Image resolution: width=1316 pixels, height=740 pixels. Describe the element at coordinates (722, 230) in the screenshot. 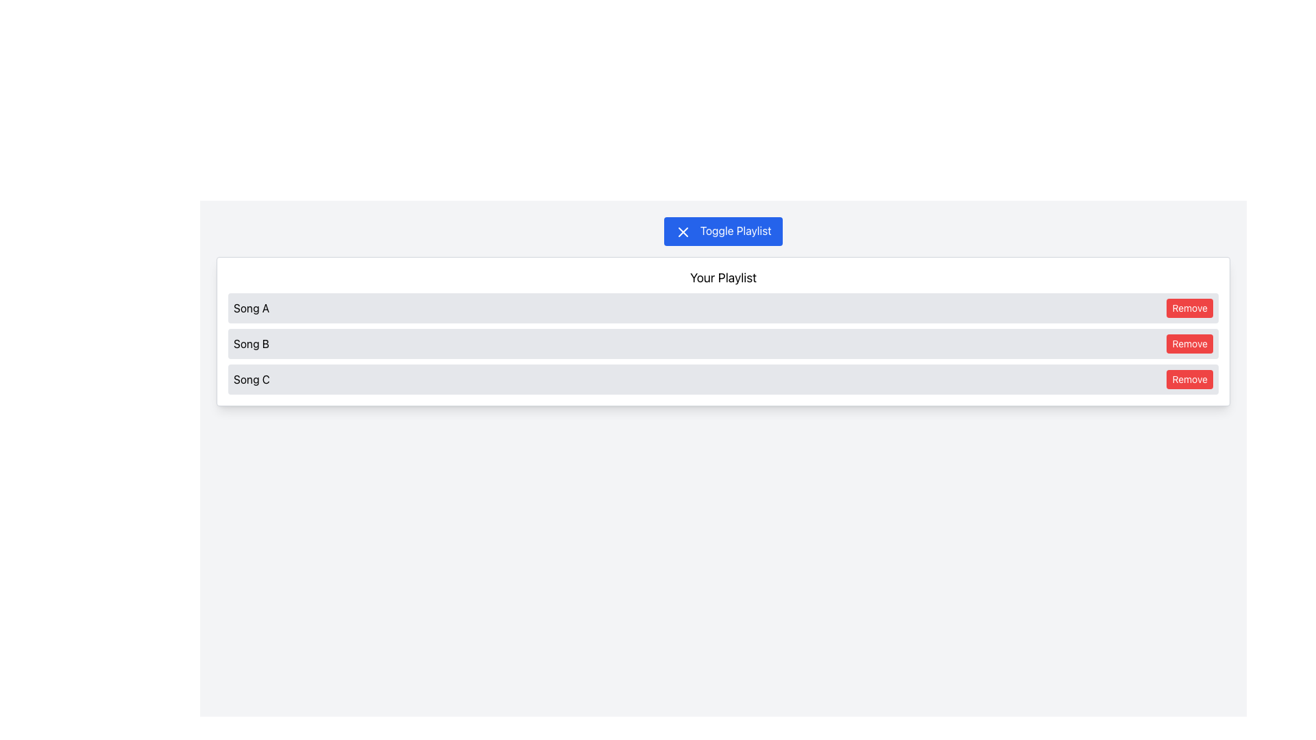

I see `the button that toggles the visibility of the playlist, located near the top center of the 'Your Playlist' section` at that location.